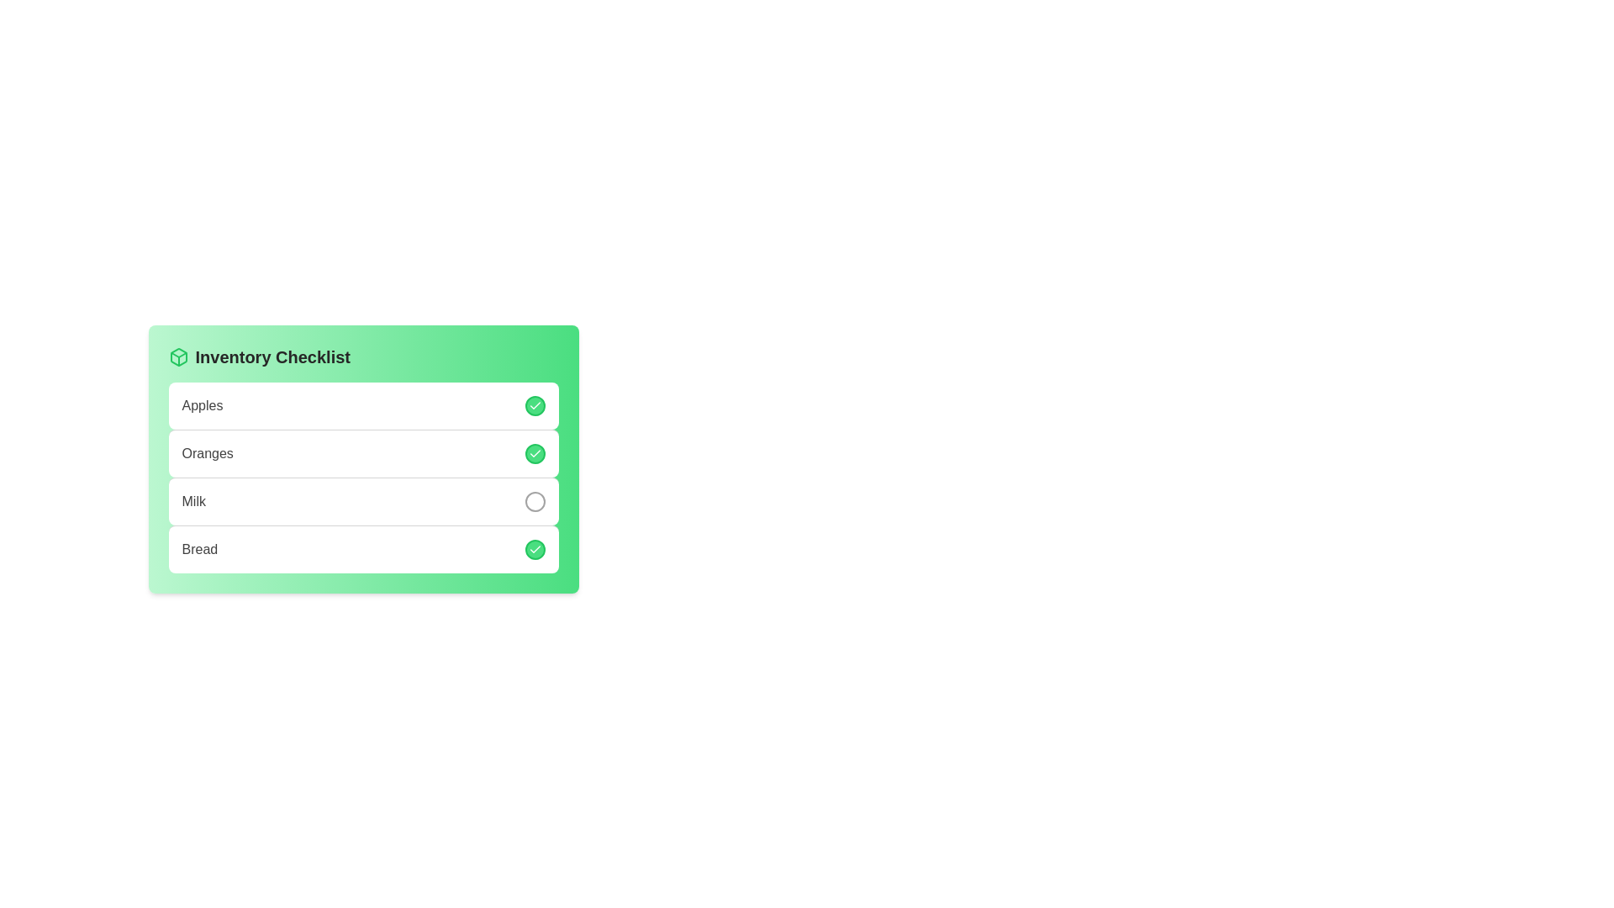 Image resolution: width=1614 pixels, height=908 pixels. I want to click on the 'Oranges' list item in the Inventory Checklist, so click(362, 452).